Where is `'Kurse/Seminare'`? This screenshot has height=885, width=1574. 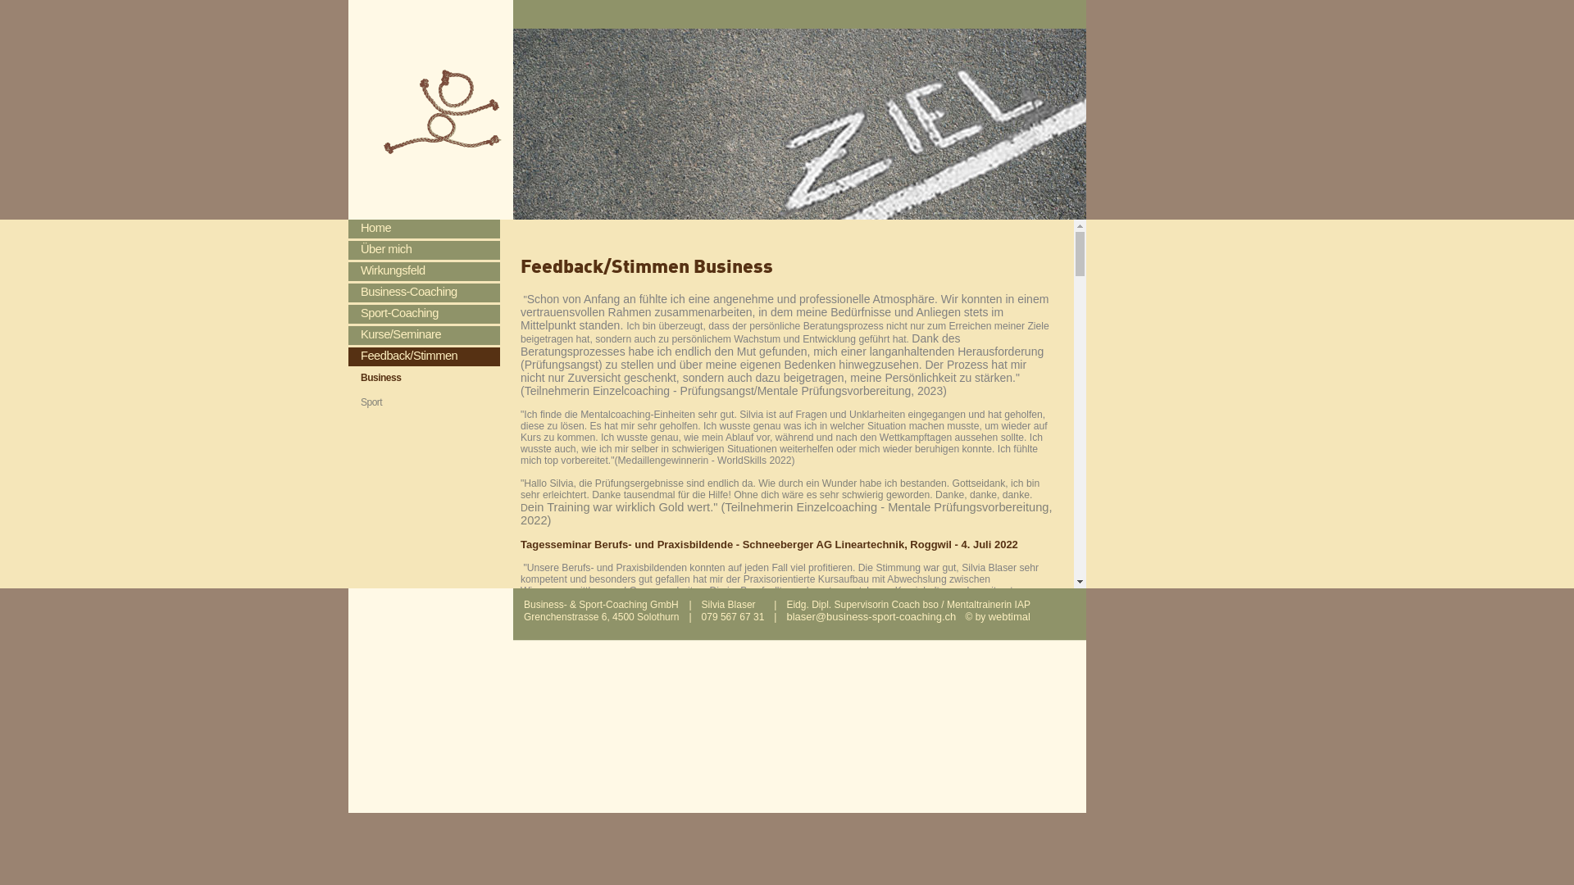
'Kurse/Seminare' is located at coordinates (424, 334).